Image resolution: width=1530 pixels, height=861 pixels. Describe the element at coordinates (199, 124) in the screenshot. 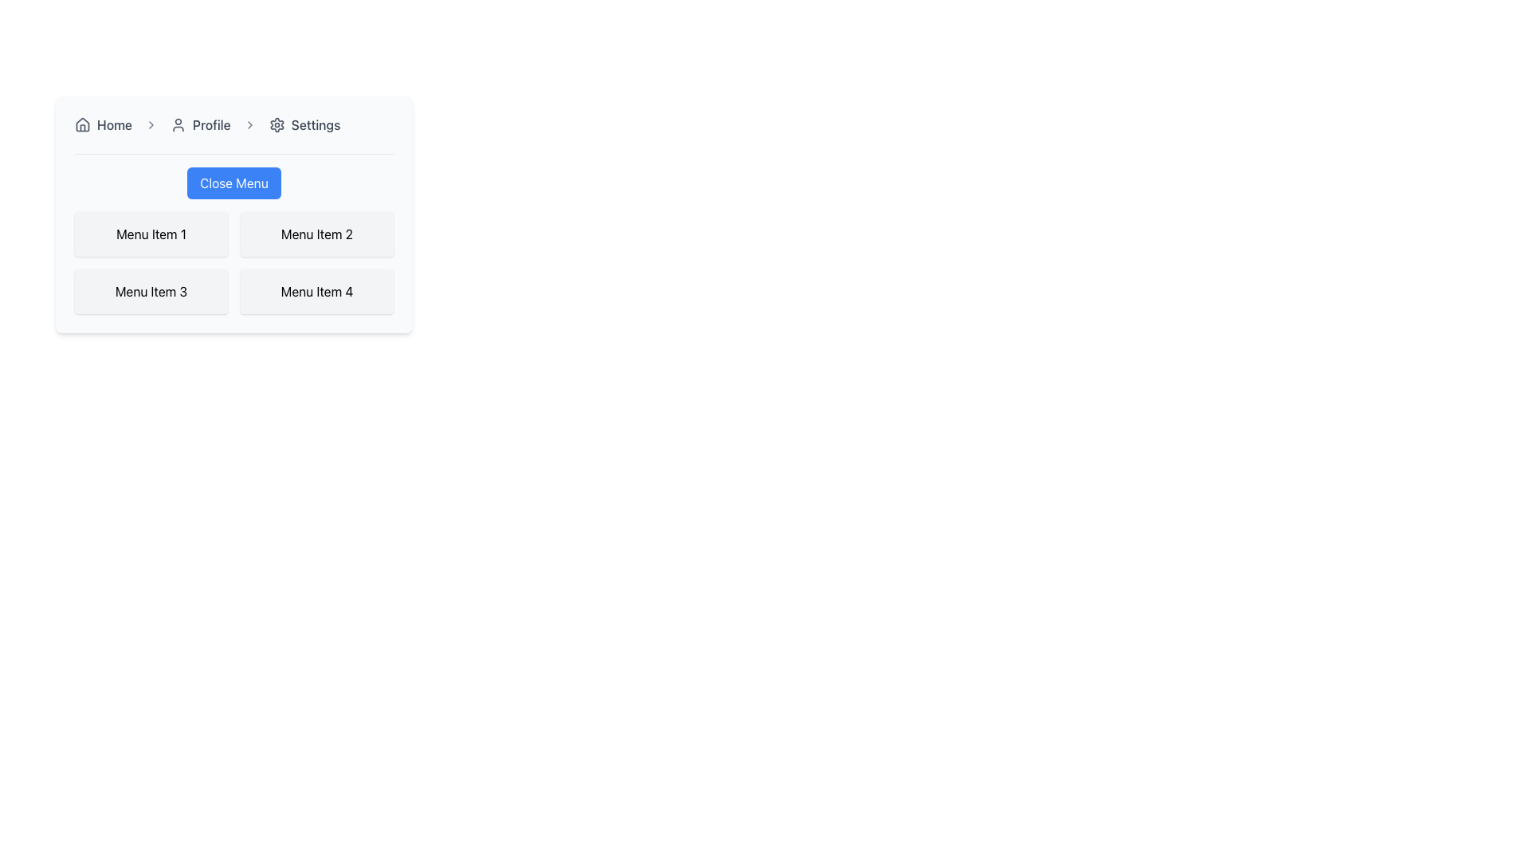

I see `the 'Profile' button in the navigation bar to observe the styling change from gray to blue` at that location.